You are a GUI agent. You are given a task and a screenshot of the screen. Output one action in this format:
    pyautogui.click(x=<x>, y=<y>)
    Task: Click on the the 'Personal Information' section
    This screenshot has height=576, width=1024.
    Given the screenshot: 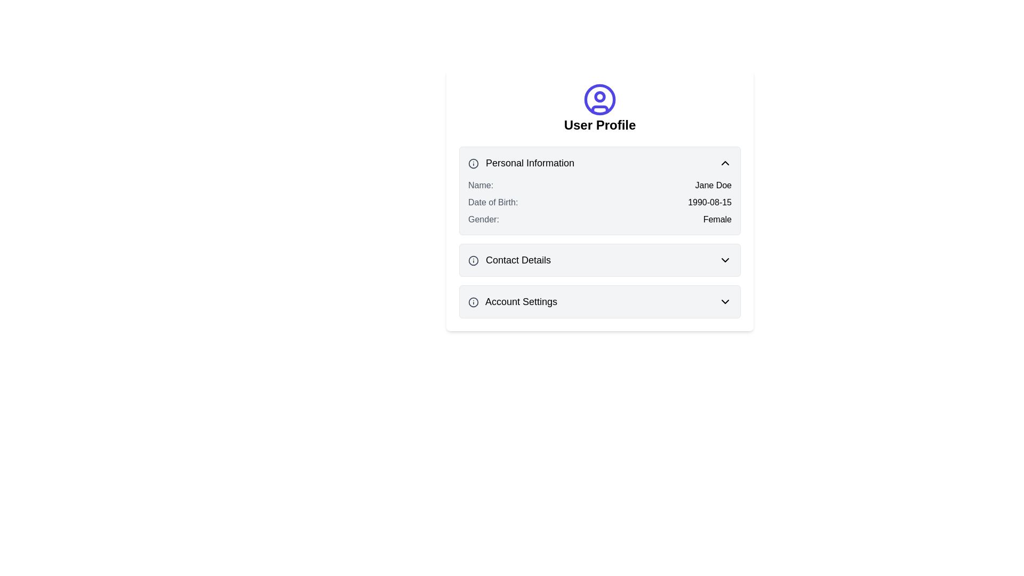 What is the action you would take?
    pyautogui.click(x=599, y=231)
    